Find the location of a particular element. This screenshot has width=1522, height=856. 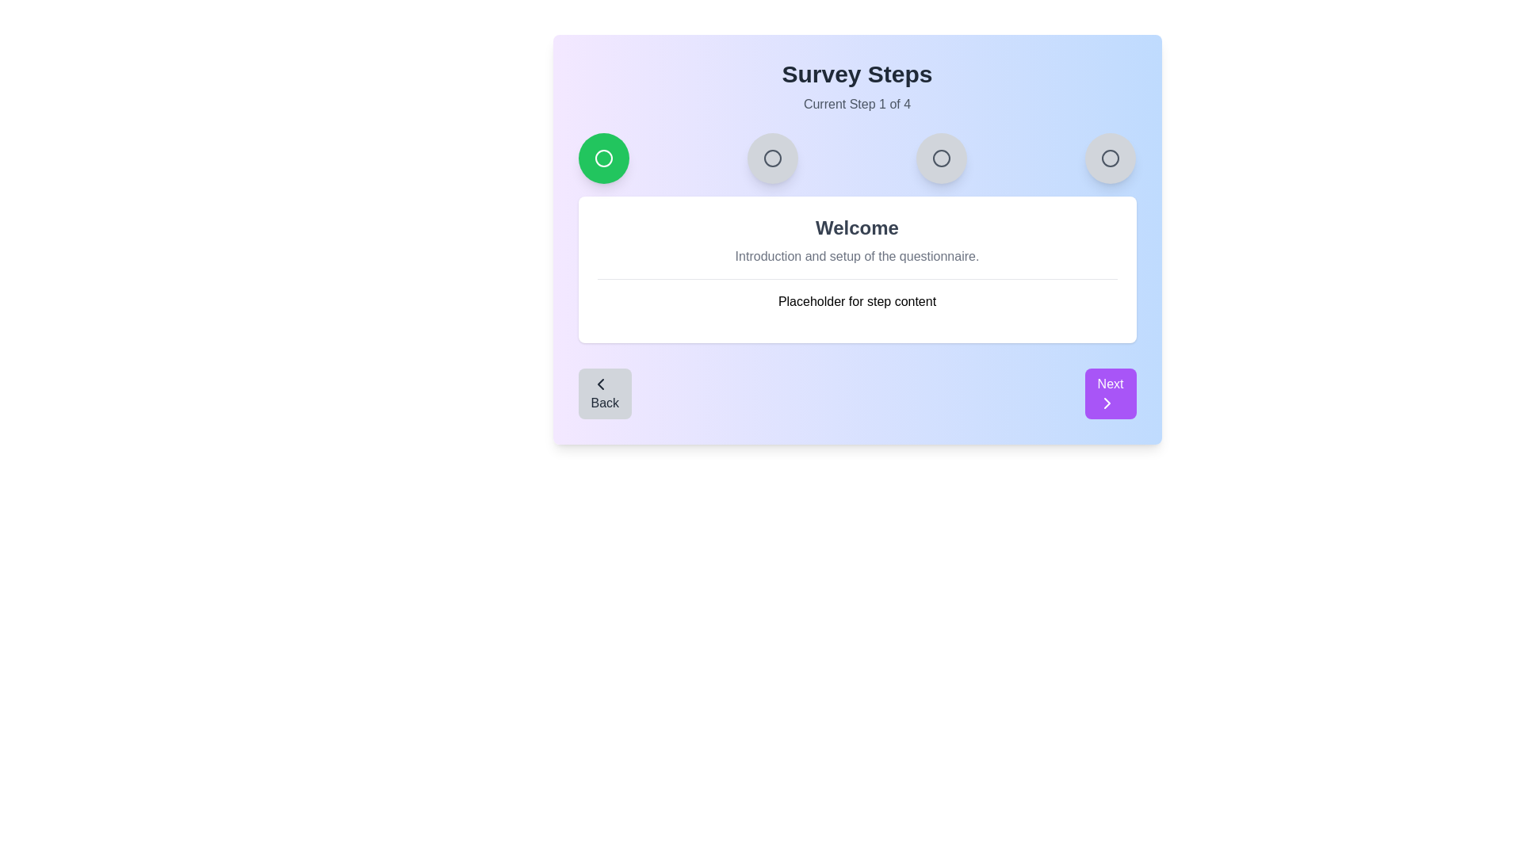

the SVG Circle Element that serves as the central part of the circular icon for the fourth step indicator located at the far right within the row of circular step indicators is located at coordinates (1110, 159).